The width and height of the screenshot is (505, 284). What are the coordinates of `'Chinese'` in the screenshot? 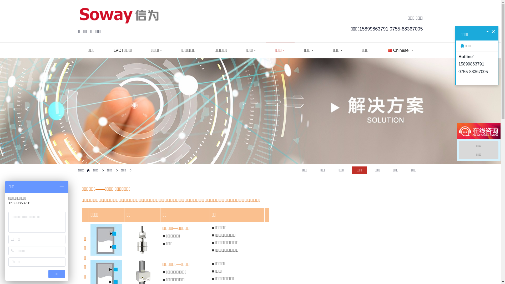 It's located at (400, 50).